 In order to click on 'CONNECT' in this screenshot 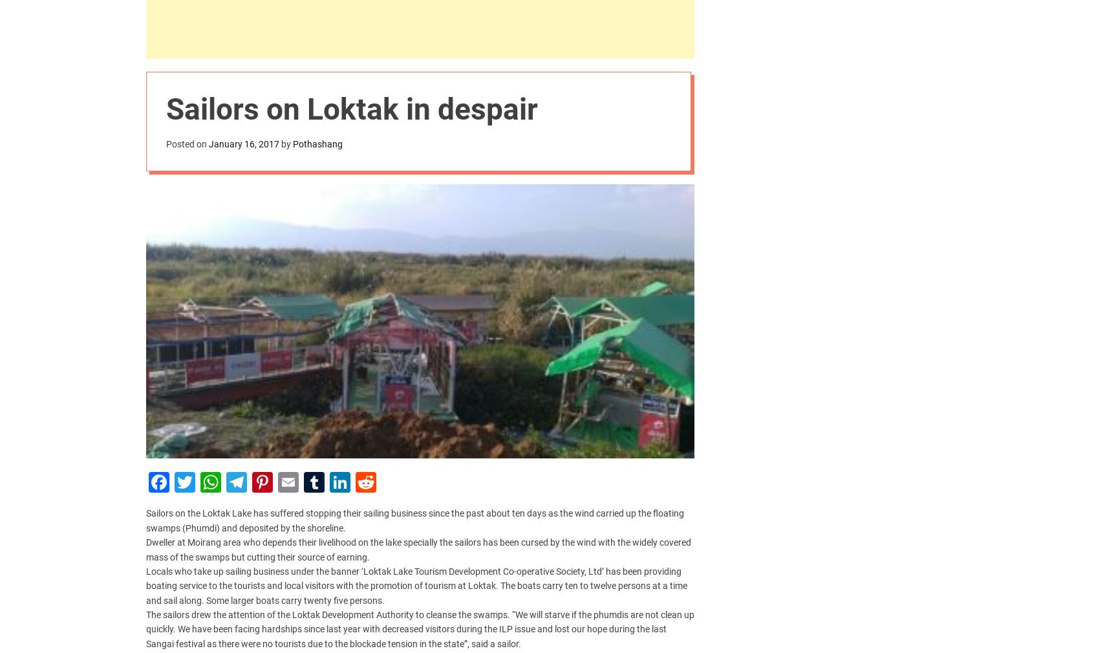, I will do `click(167, 517)`.